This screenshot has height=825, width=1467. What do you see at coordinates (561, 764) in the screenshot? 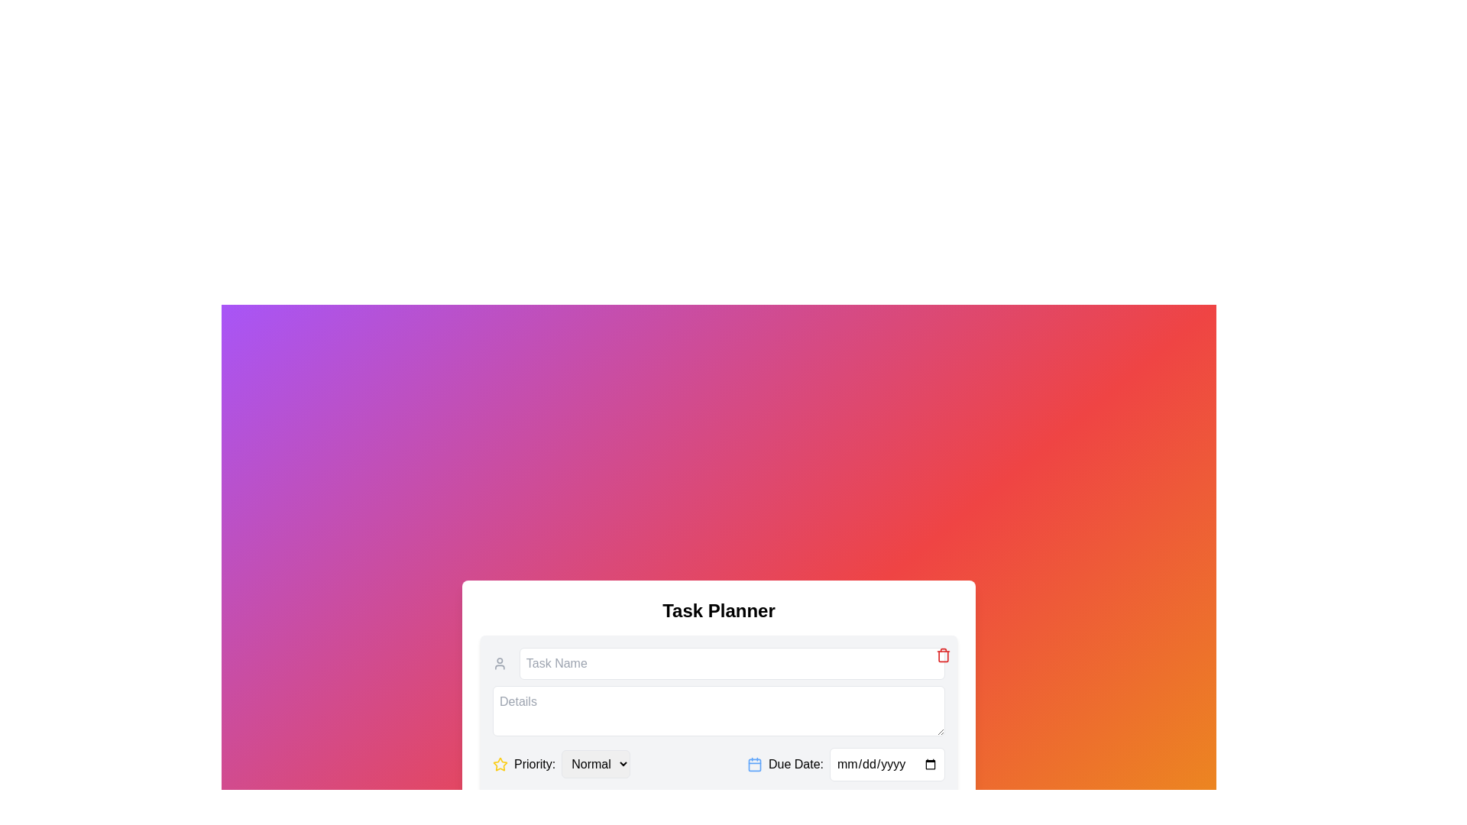
I see `the 'Priority:' dropdown menu` at bounding box center [561, 764].